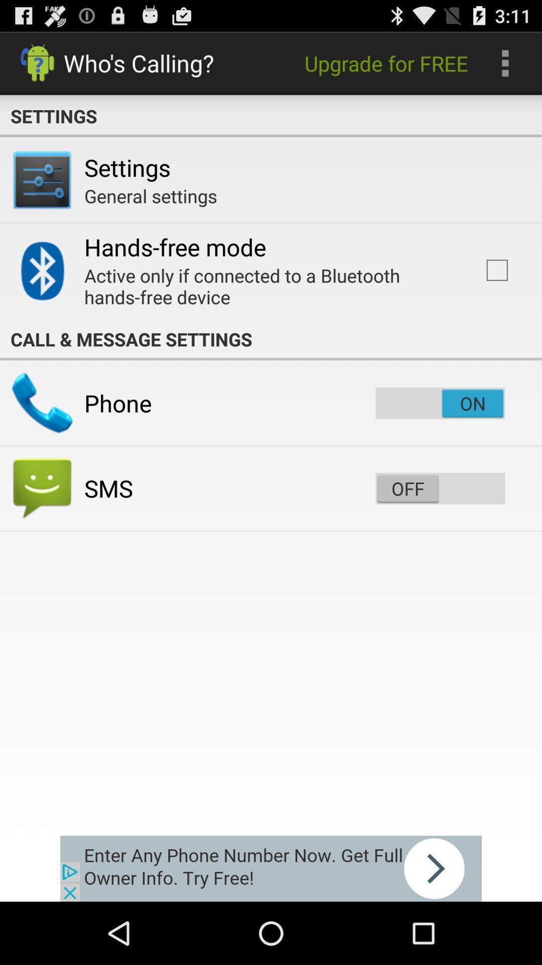 Image resolution: width=542 pixels, height=965 pixels. What do you see at coordinates (440, 403) in the screenshot?
I see `phone permission` at bounding box center [440, 403].